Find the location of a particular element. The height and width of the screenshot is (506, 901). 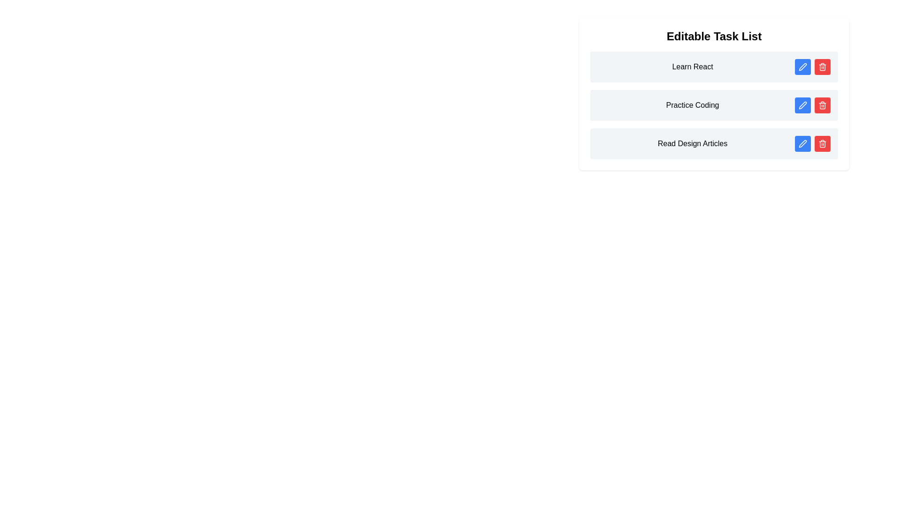

the edit pen icon located to the right of the 'Read Design Articles' label is located at coordinates (802, 144).